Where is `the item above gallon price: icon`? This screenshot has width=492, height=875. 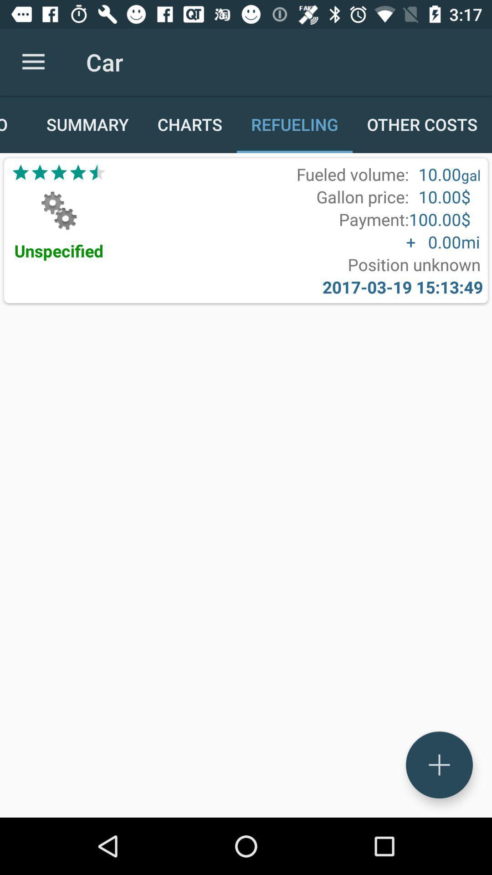
the item above gallon price: icon is located at coordinates (352, 174).